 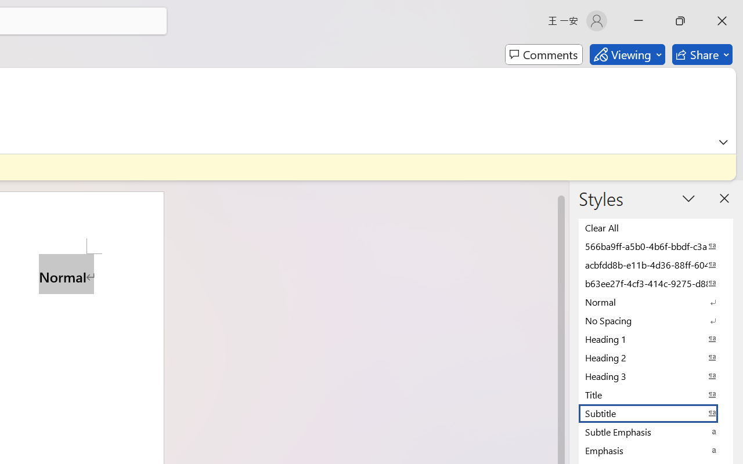 I want to click on 'Task Pane Options', so click(x=689, y=198).